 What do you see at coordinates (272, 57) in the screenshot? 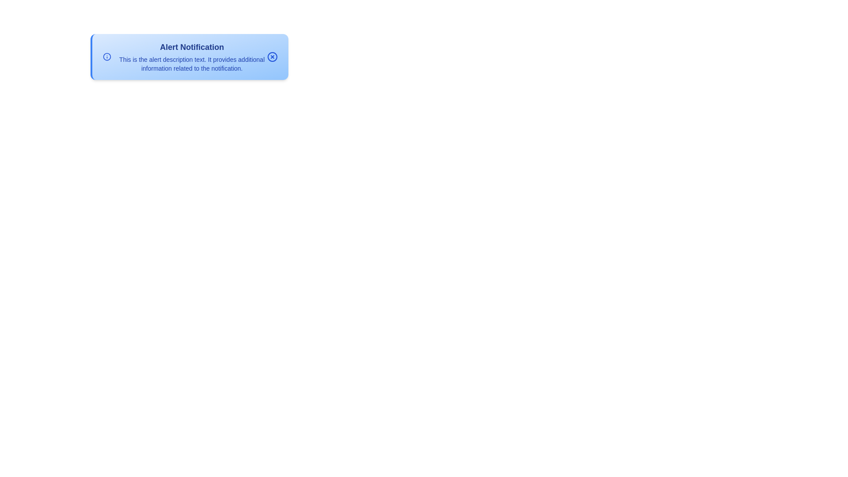
I see `the close button of the alert to close it` at bounding box center [272, 57].